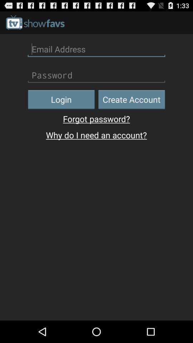 The width and height of the screenshot is (193, 343). What do you see at coordinates (96, 75) in the screenshot?
I see `password` at bounding box center [96, 75].